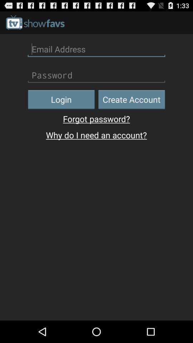 The width and height of the screenshot is (193, 343). What do you see at coordinates (96, 75) in the screenshot?
I see `password` at bounding box center [96, 75].